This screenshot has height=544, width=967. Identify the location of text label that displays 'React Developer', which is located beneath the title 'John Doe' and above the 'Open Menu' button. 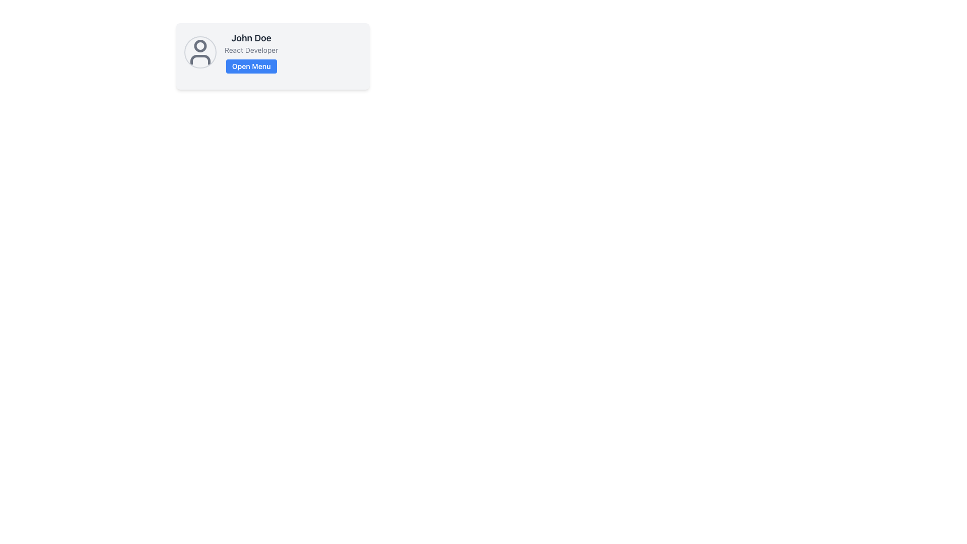
(251, 50).